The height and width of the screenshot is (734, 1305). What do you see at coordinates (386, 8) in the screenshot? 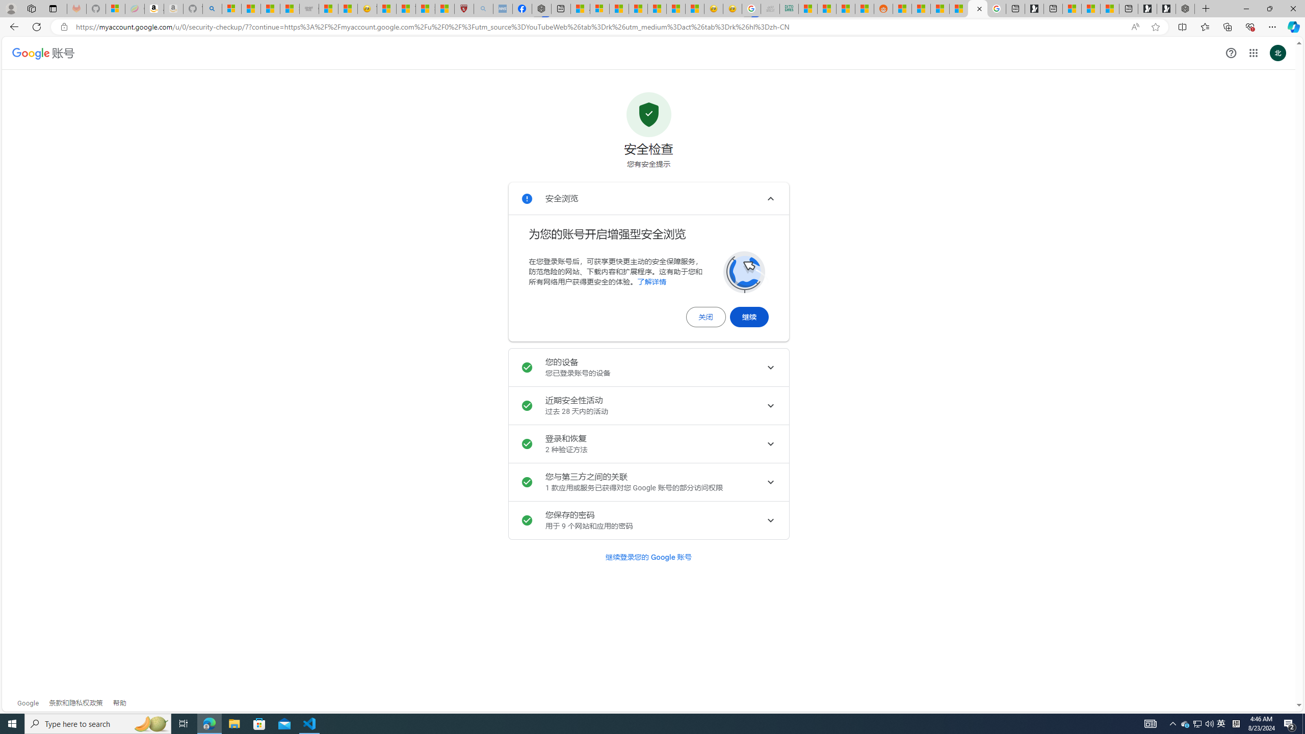
I see `'Recipes - MSN'` at bounding box center [386, 8].